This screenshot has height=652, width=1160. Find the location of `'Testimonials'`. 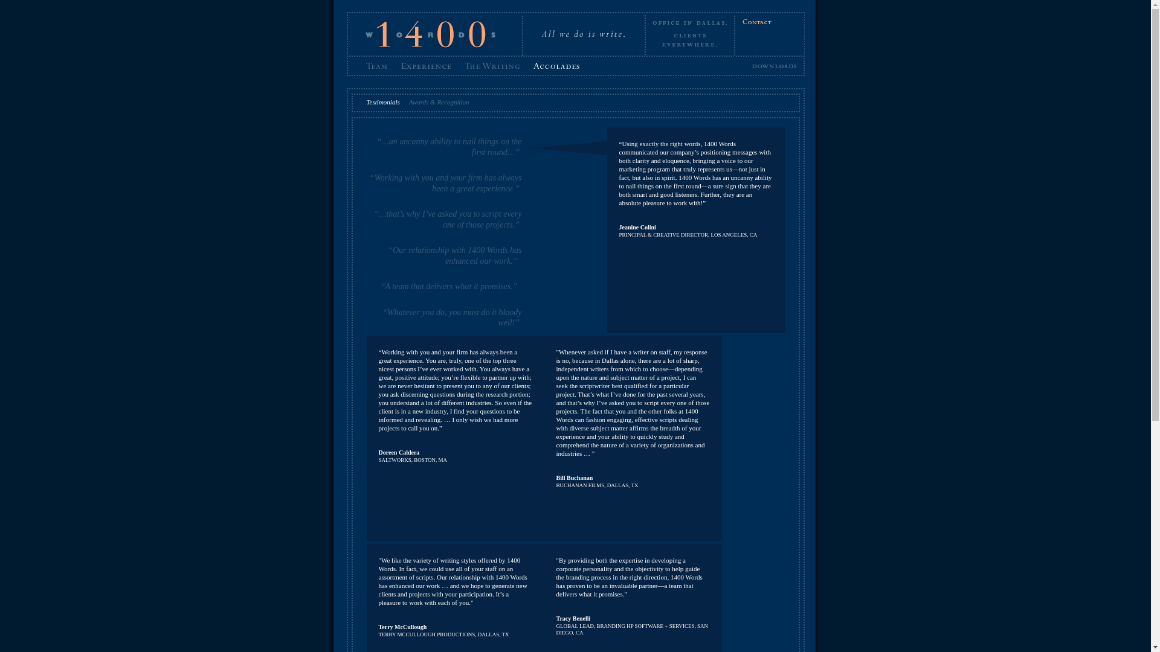

'Testimonials' is located at coordinates (382, 101).